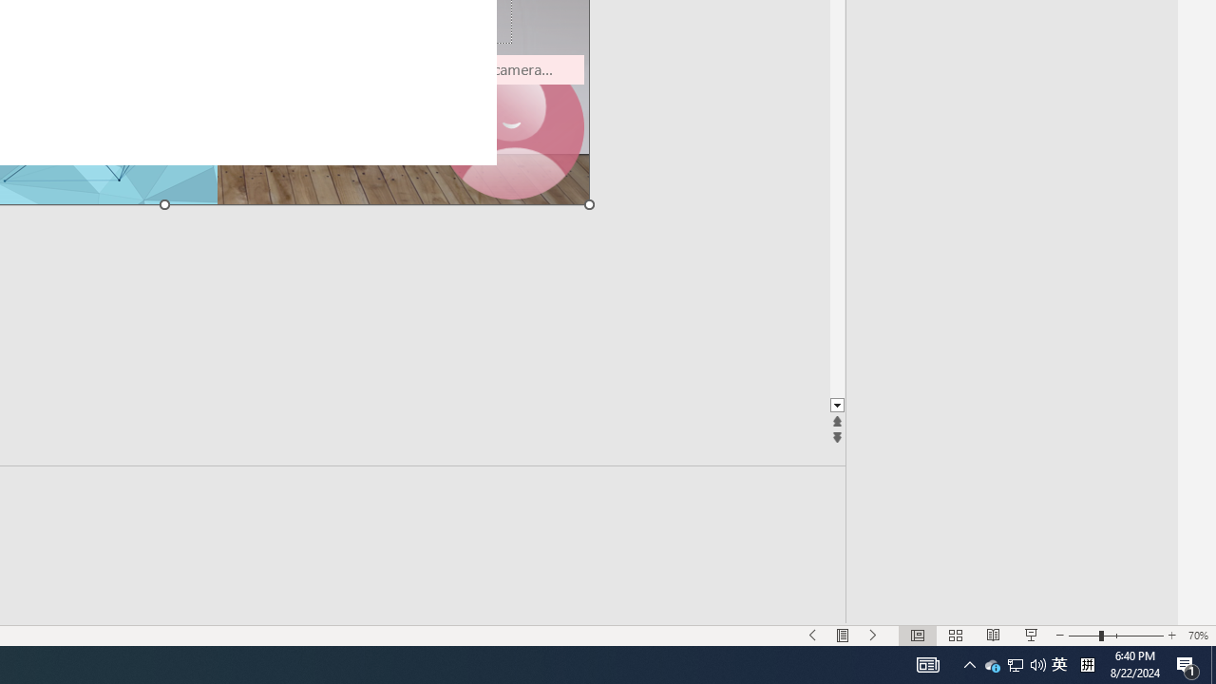 Image resolution: width=1216 pixels, height=684 pixels. What do you see at coordinates (1197, 636) in the screenshot?
I see `'Zoom 70%'` at bounding box center [1197, 636].